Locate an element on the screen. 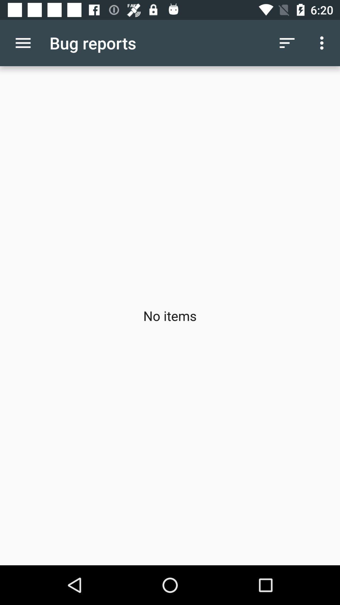 Image resolution: width=340 pixels, height=605 pixels. the icon to the right of bug reports app is located at coordinates (287, 43).